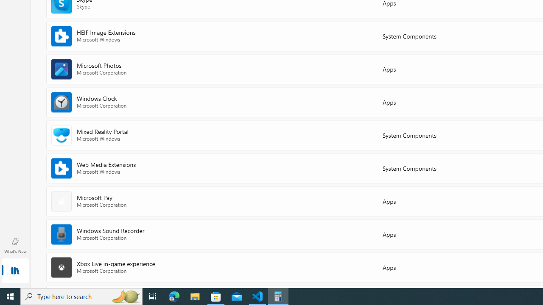  Describe the element at coordinates (216, 296) in the screenshot. I see `'Microsoft Store - 1 running window'` at that location.